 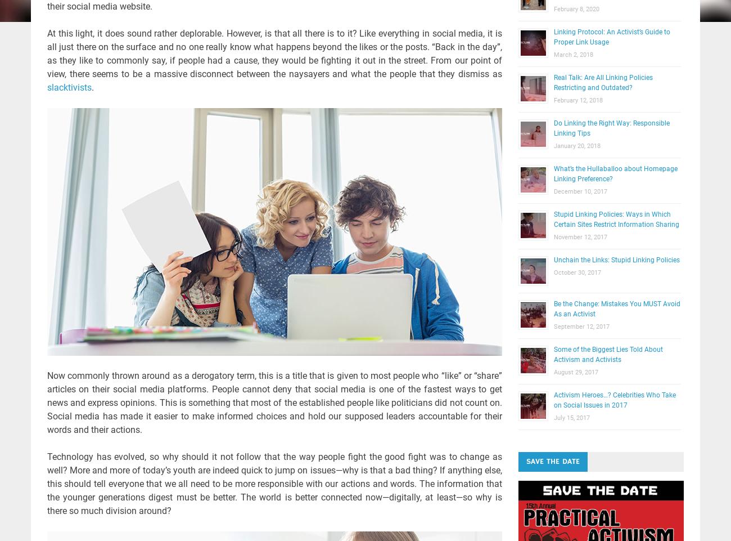 What do you see at coordinates (273, 53) in the screenshot?
I see `'At this light, it does sound rather deplorable. However, is that all there is to it? Like everything in social media, it is all just there on the surface and no one really know what happens beyond the likes or the posts. “Back in the day”, as they like to commonly say, if people had a cause, they would be fighting it out in the street. From our point of view, there seems to be a massive disconnect between the naysayers and what the people that they dismiss as'` at bounding box center [273, 53].